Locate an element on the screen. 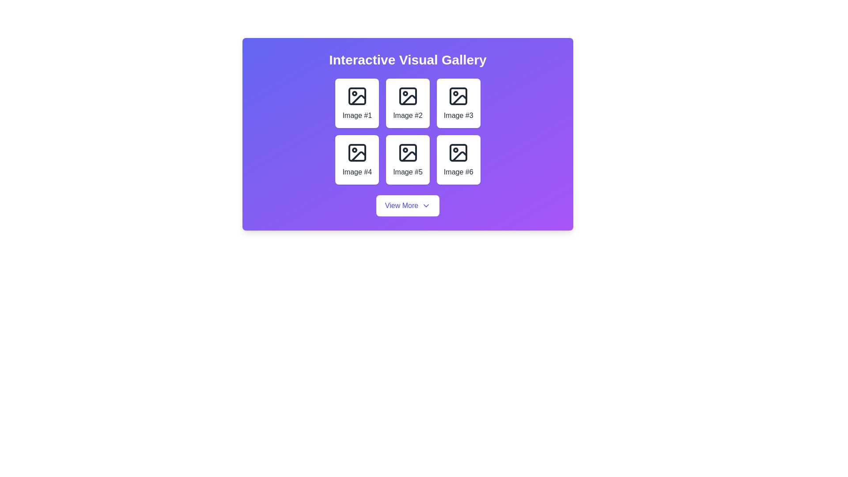  the rounded rectangle shape located at the top-left inside the image illustration of 'Image #1' is located at coordinates (357, 96).